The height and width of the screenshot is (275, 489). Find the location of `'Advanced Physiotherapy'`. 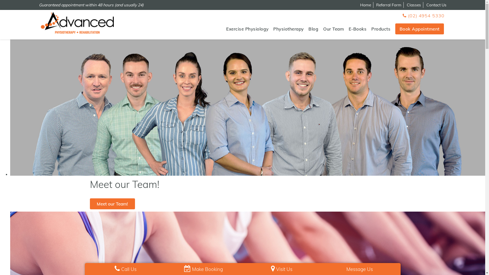

'Advanced Physiotherapy' is located at coordinates (77, 22).